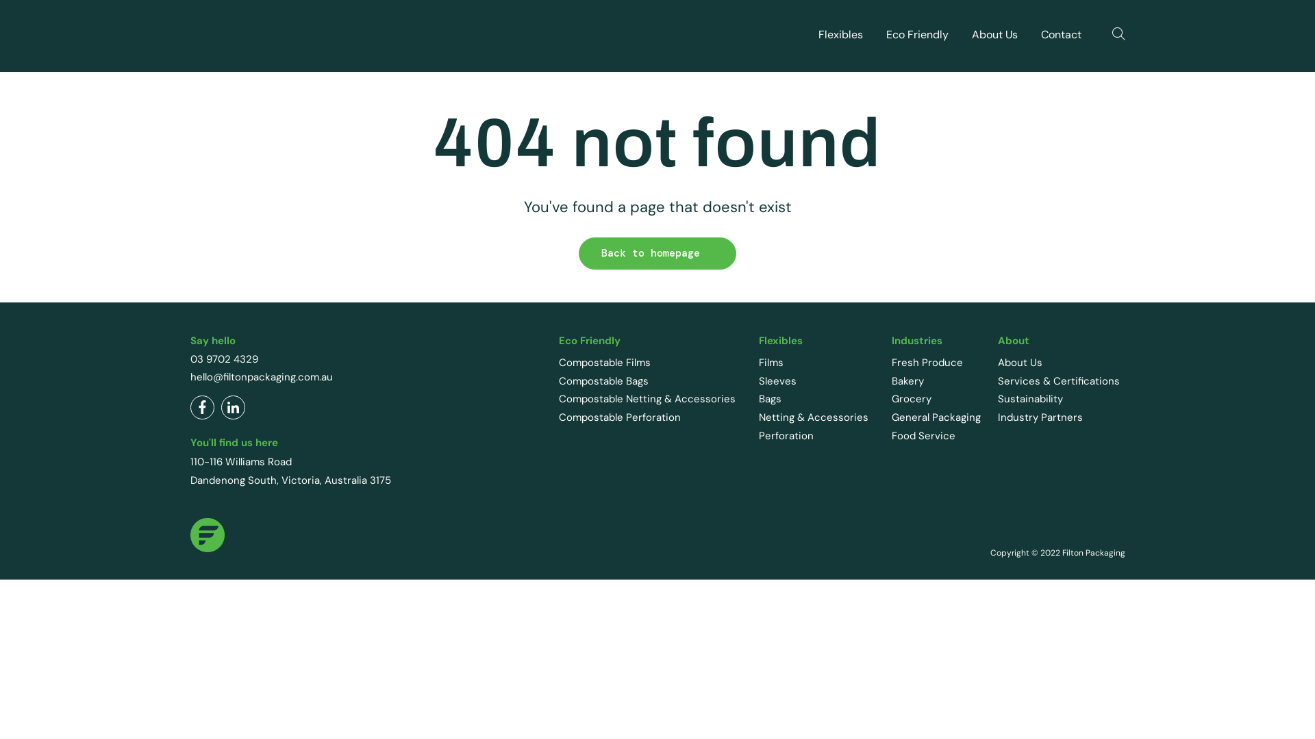 This screenshot has width=1315, height=739. I want to click on 'Bags', so click(770, 398).